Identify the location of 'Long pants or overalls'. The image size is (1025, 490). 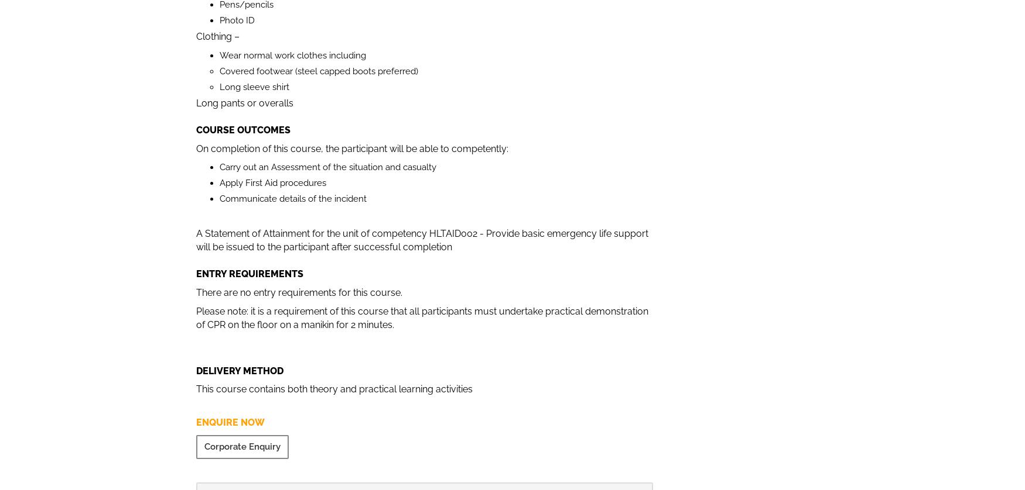
(244, 102).